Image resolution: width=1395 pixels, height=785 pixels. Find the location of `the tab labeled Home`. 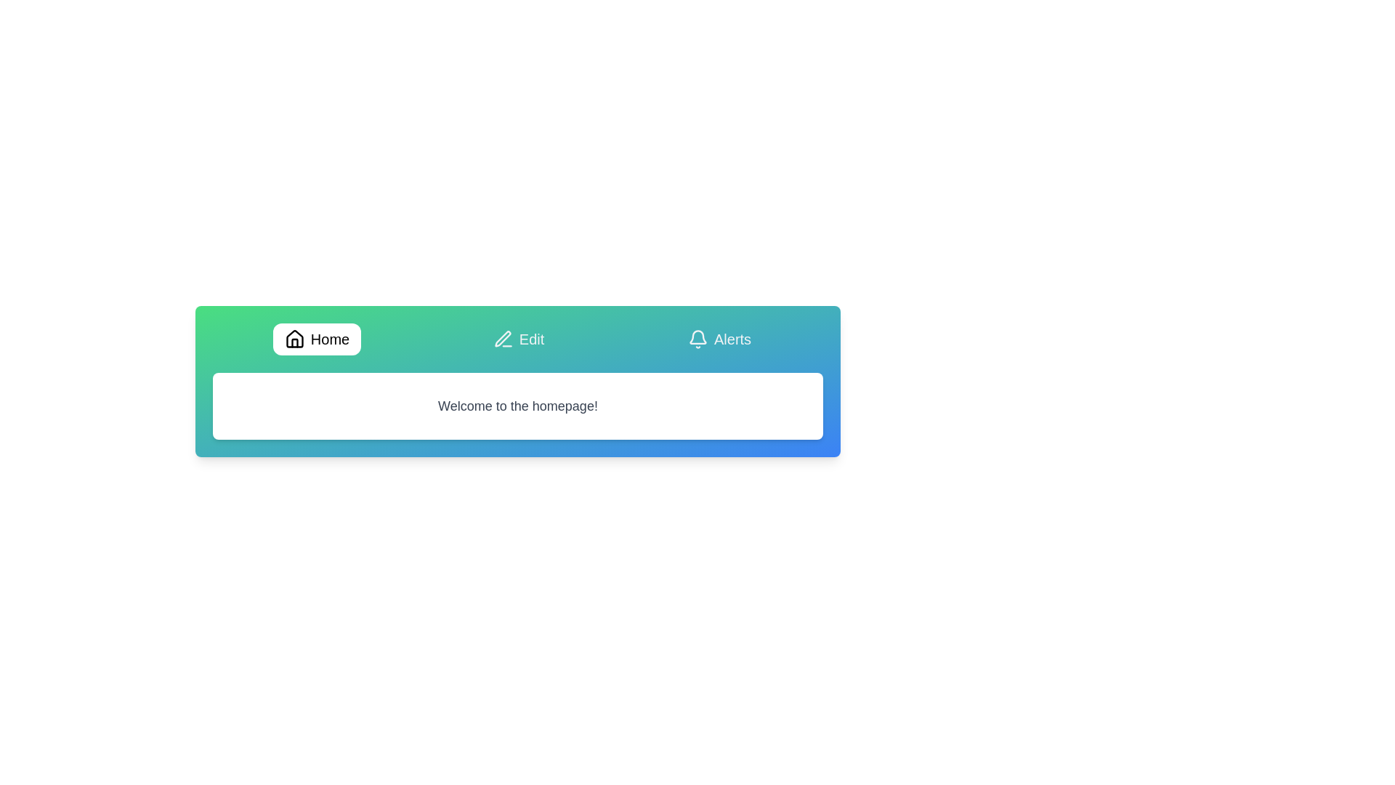

the tab labeled Home is located at coordinates (316, 339).